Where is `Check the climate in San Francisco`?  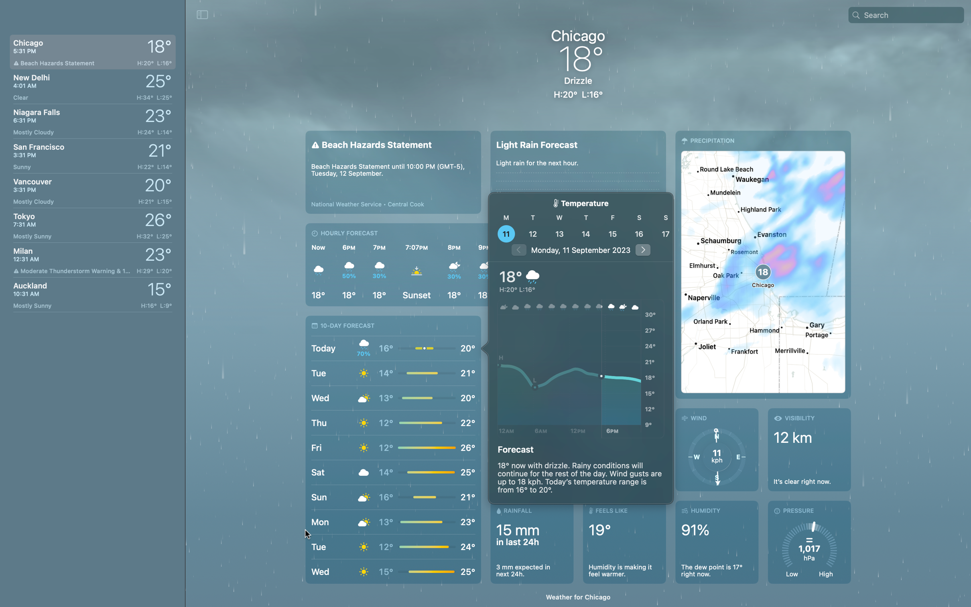 Check the climate in San Francisco is located at coordinates (91, 153).